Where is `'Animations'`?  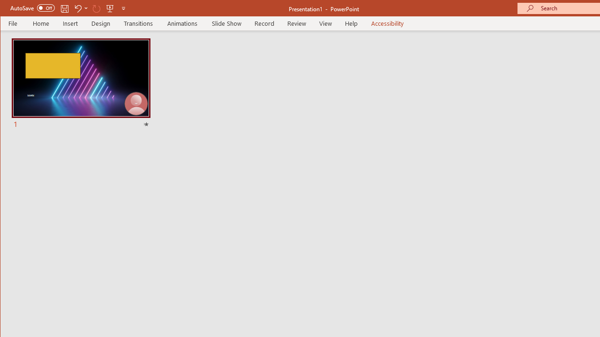 'Animations' is located at coordinates (182, 23).